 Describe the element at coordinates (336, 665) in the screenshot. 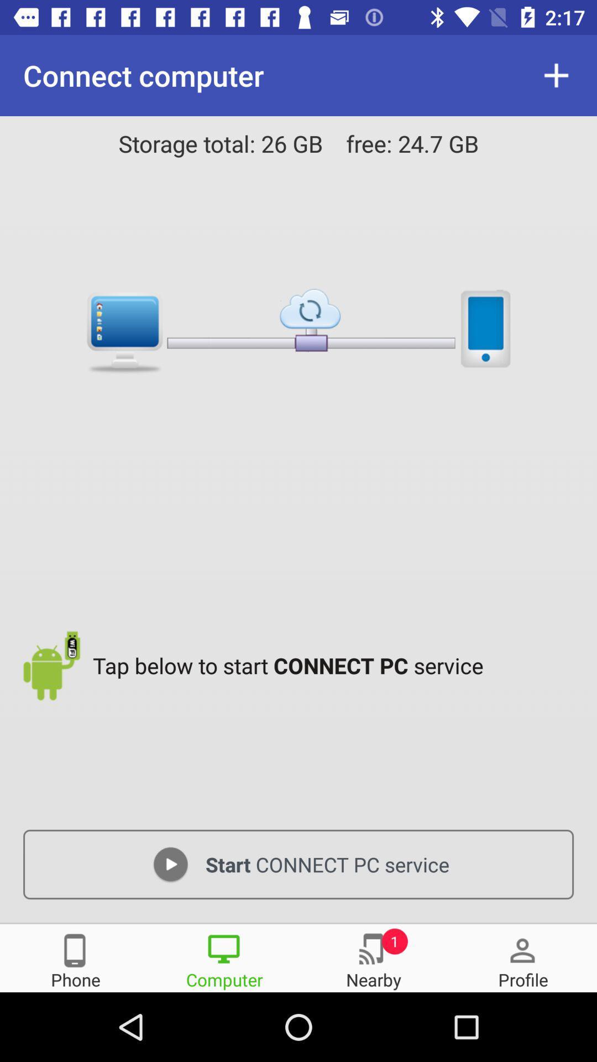

I see `the tap below to icon` at that location.